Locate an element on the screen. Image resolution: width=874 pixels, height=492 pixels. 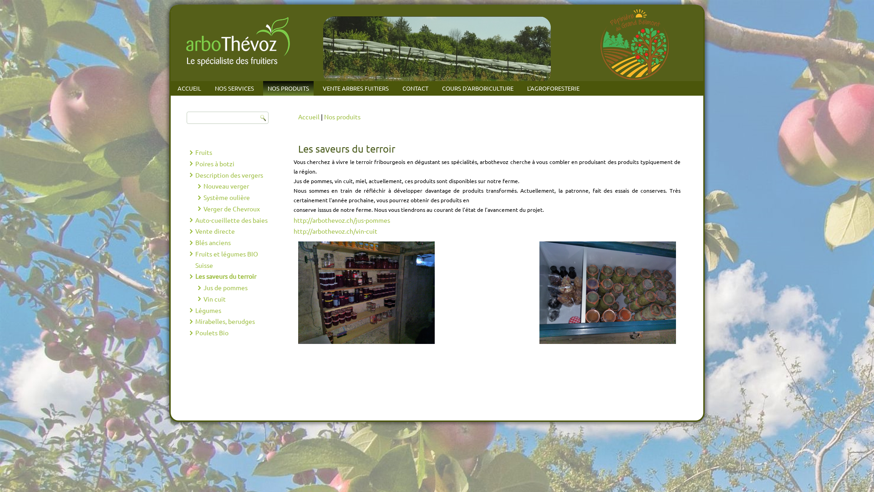
'L'AGROFORESTERIE' is located at coordinates (553, 88).